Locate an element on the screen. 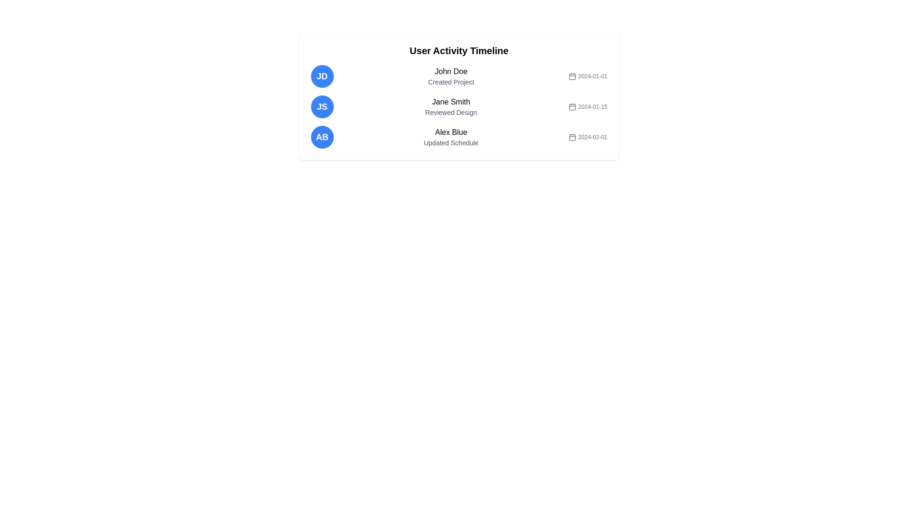  the circular avatar with a blue background and white text containing the initials 'AB', which is the third avatar in a vertical list, located to the left of the name 'Alex Blue' is located at coordinates (322, 137).